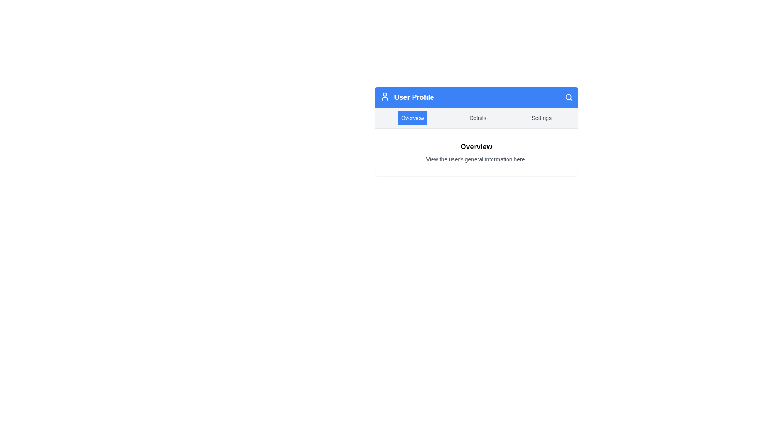 This screenshot has height=426, width=758. Describe the element at coordinates (385, 96) in the screenshot. I see `the minimalist outlined user profile icon located to the left of the 'User Profile' text in the blue header section` at that location.